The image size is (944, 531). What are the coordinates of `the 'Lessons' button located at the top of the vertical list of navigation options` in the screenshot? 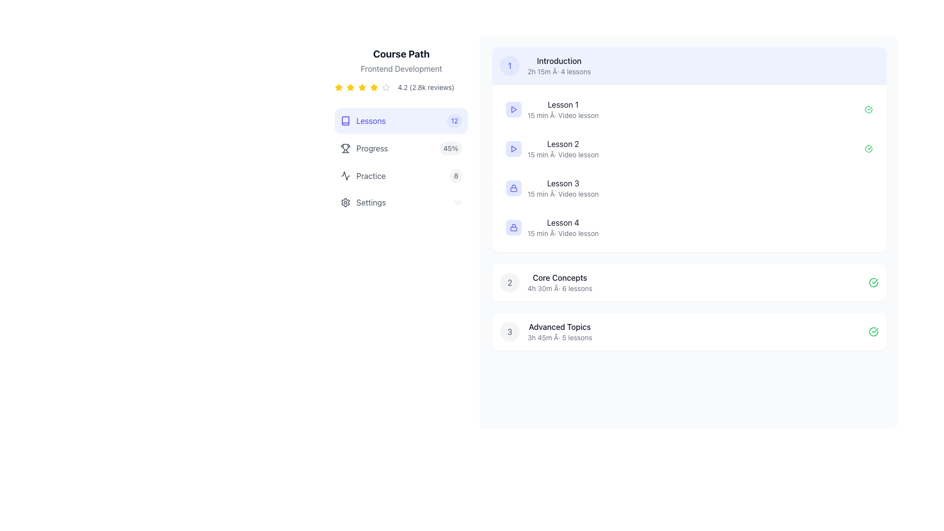 It's located at (401, 120).